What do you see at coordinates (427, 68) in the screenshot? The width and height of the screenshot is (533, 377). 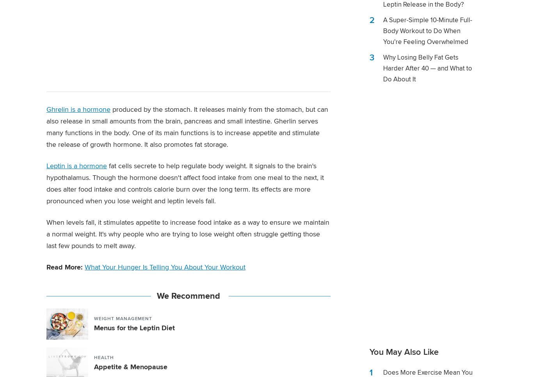 I see `'Why Losing Belly Fat Gets Harder After 40 — and What to Do About It'` at bounding box center [427, 68].